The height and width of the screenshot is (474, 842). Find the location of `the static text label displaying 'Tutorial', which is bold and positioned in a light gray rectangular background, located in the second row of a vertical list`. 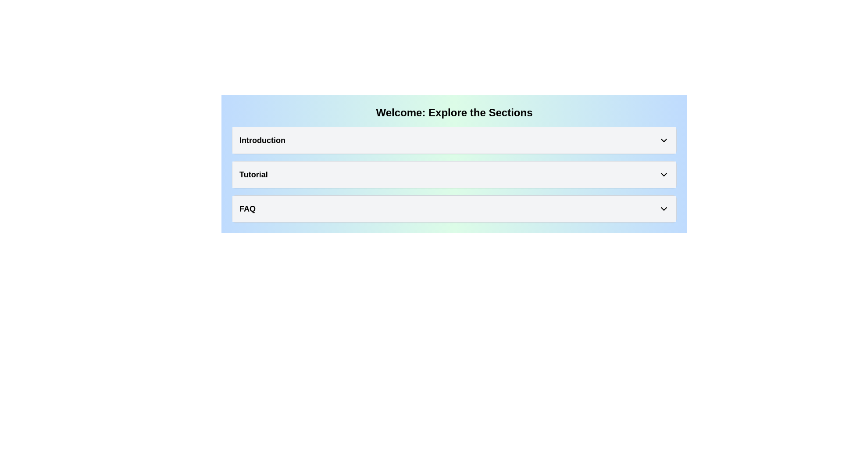

the static text label displaying 'Tutorial', which is bold and positioned in a light gray rectangular background, located in the second row of a vertical list is located at coordinates (253, 174).